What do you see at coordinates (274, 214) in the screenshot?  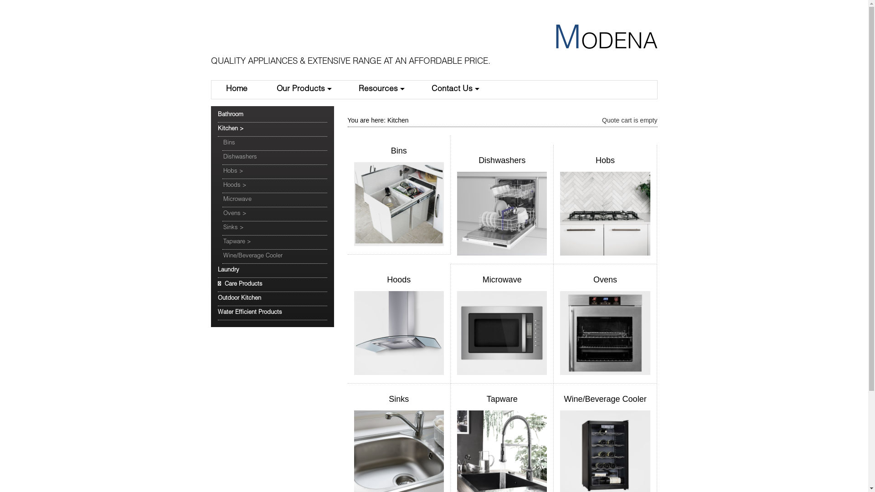 I see `'Ovens >'` at bounding box center [274, 214].